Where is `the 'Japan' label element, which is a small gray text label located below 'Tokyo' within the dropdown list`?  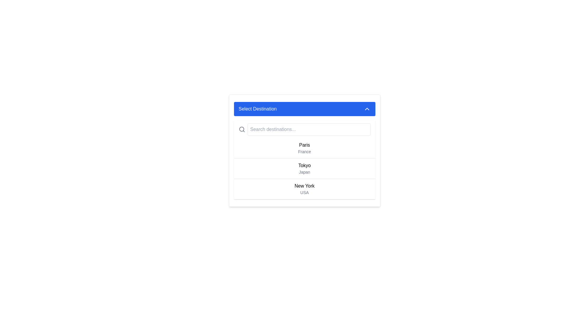 the 'Japan' label element, which is a small gray text label located below 'Tokyo' within the dropdown list is located at coordinates (304, 172).